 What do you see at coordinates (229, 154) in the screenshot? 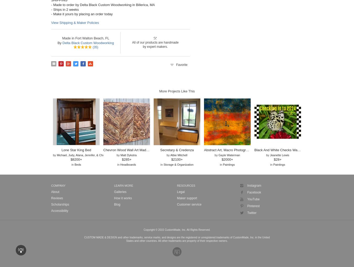
I see `'Gayle Waterman'` at bounding box center [229, 154].